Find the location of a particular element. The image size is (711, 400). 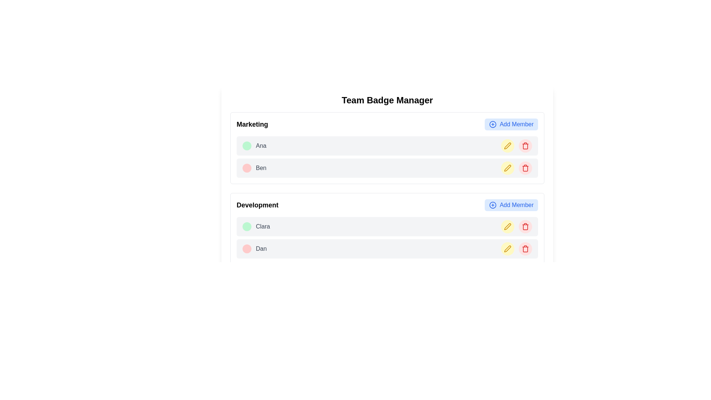

the edit icon button located in the 'Development' section next to Dan's row is located at coordinates (507, 226).